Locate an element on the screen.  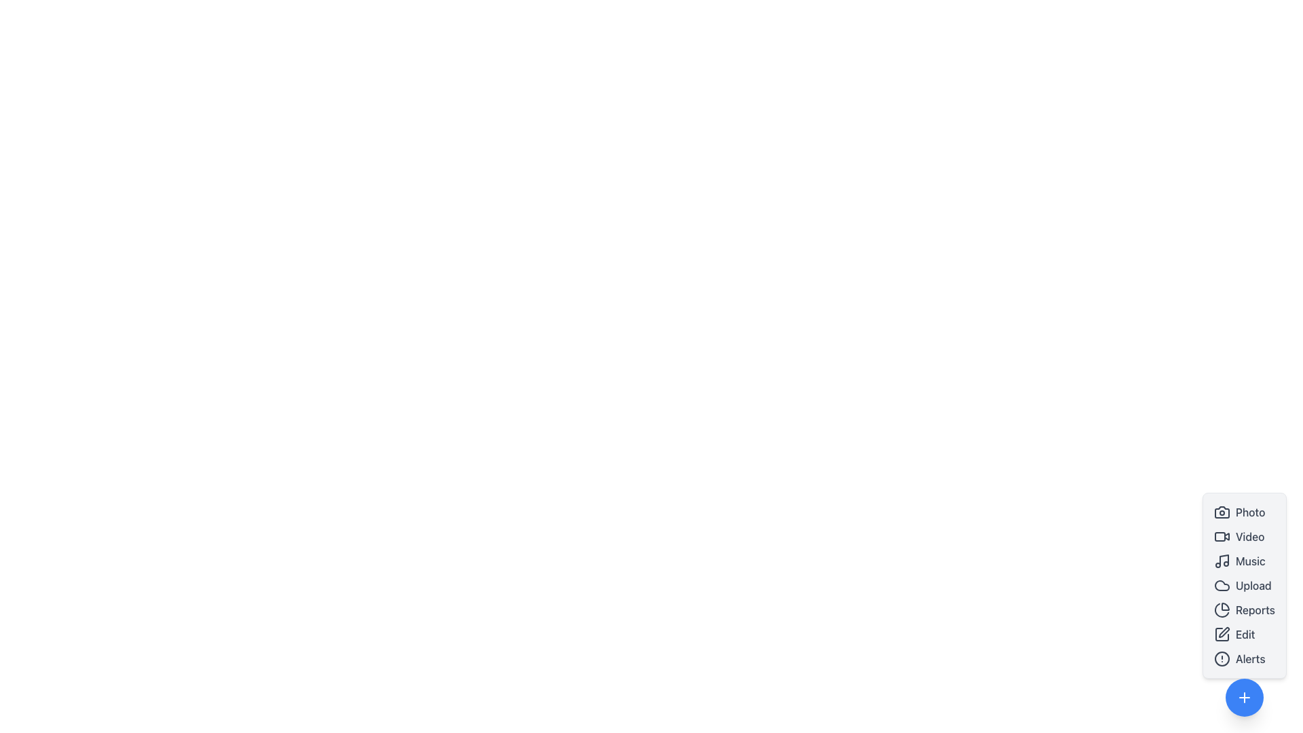
the edit button located between the 'Reports' and 'Alerts' options is located at coordinates (1234, 634).